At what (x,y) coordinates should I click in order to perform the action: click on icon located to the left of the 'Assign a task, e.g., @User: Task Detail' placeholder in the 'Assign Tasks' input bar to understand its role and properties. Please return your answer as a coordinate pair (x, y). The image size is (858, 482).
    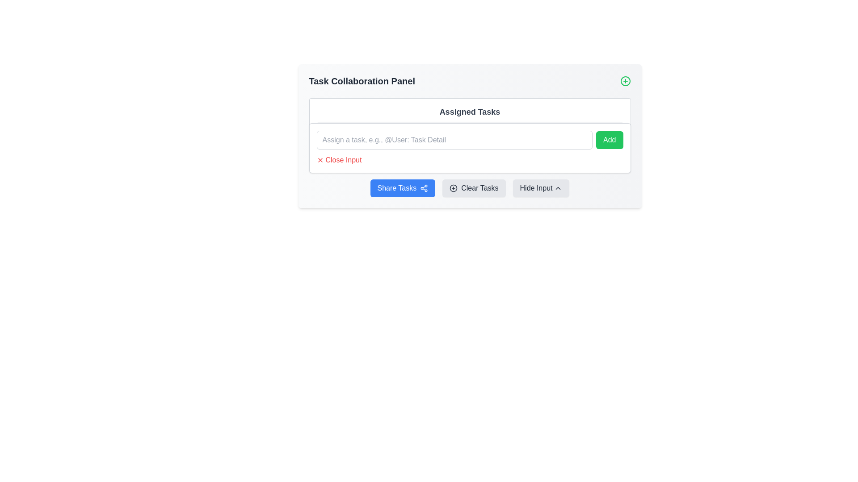
    Looking at the image, I should click on (326, 131).